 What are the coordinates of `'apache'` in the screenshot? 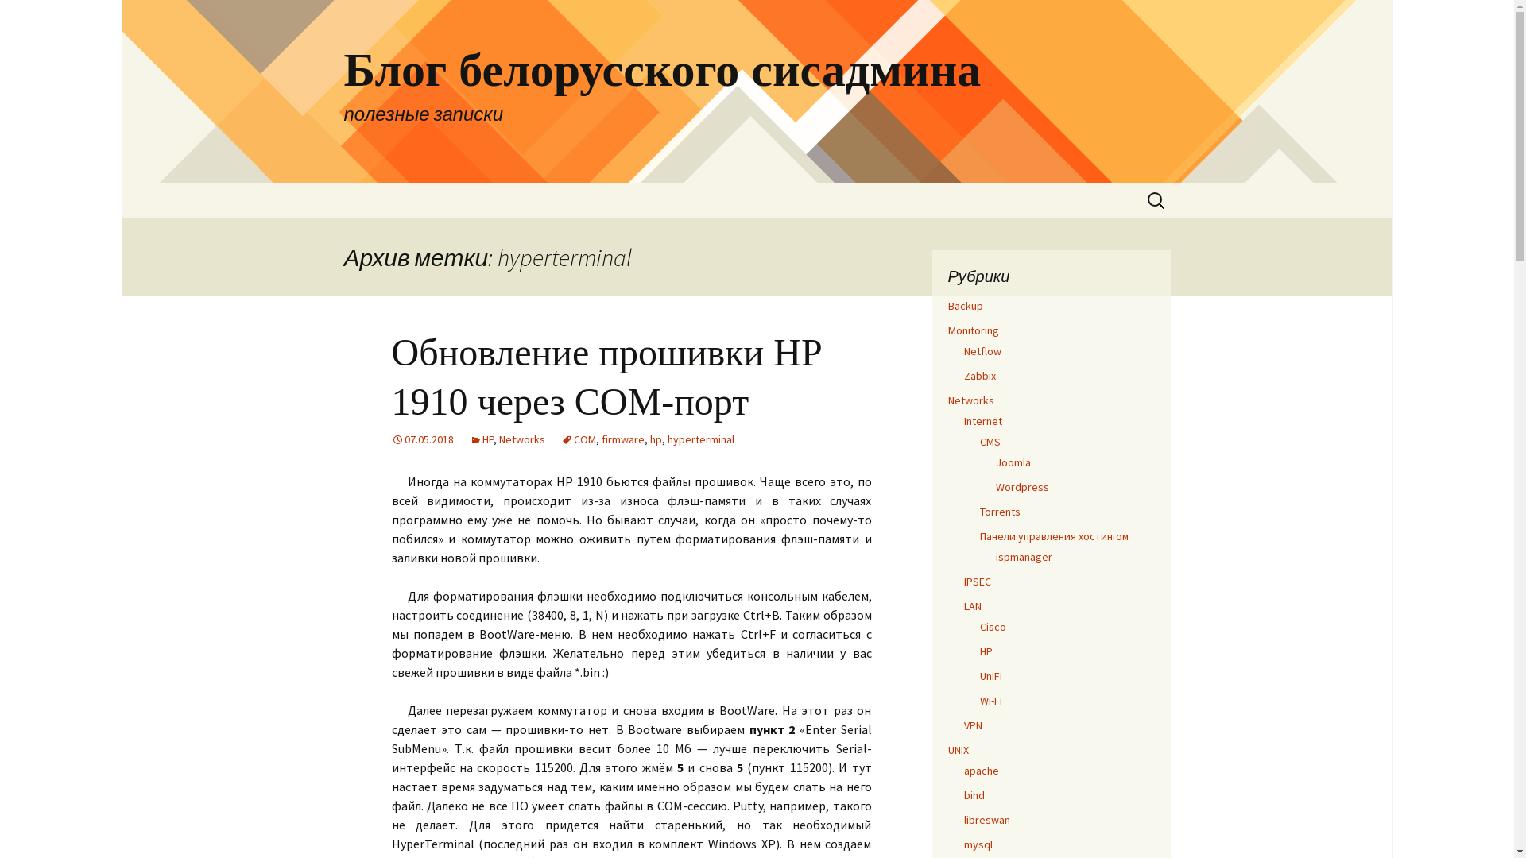 It's located at (979, 769).